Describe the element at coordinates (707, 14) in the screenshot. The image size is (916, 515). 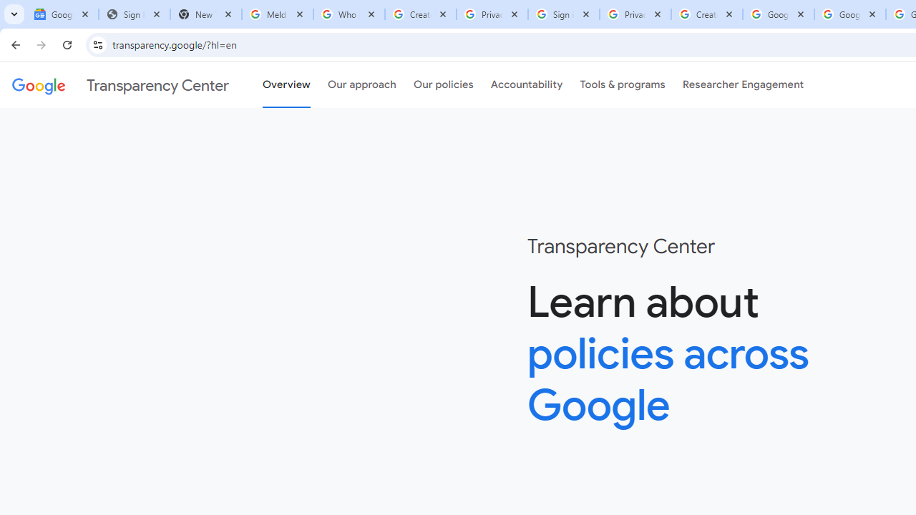
I see `'Create your Google Account'` at that location.